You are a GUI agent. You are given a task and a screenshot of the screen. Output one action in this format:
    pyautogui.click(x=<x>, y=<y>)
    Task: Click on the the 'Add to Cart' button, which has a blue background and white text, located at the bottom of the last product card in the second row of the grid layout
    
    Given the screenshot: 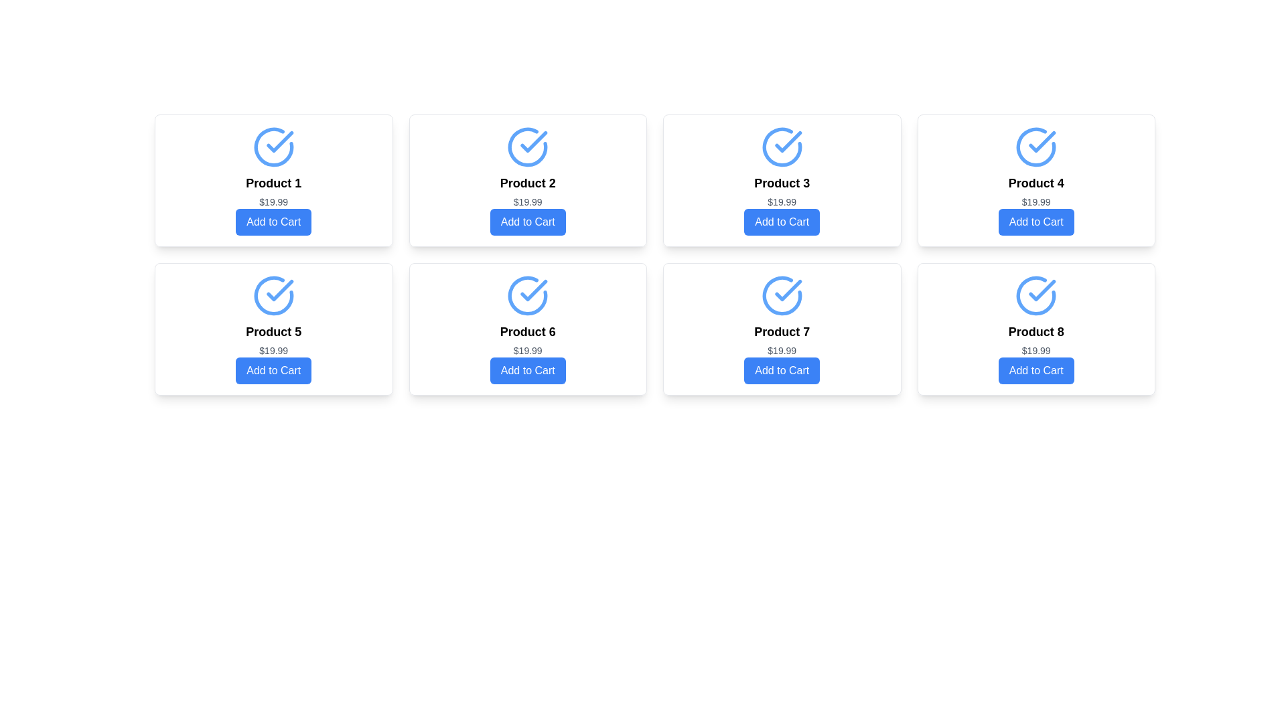 What is the action you would take?
    pyautogui.click(x=1035, y=371)
    